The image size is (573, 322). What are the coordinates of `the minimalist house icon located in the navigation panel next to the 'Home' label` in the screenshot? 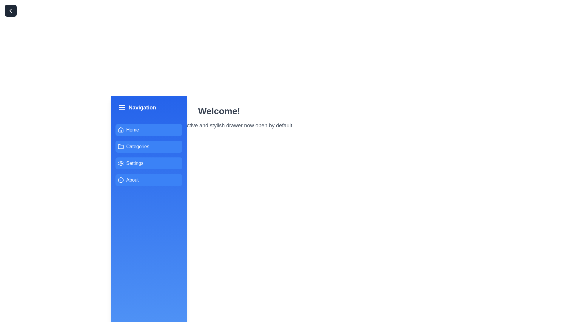 It's located at (120, 129).